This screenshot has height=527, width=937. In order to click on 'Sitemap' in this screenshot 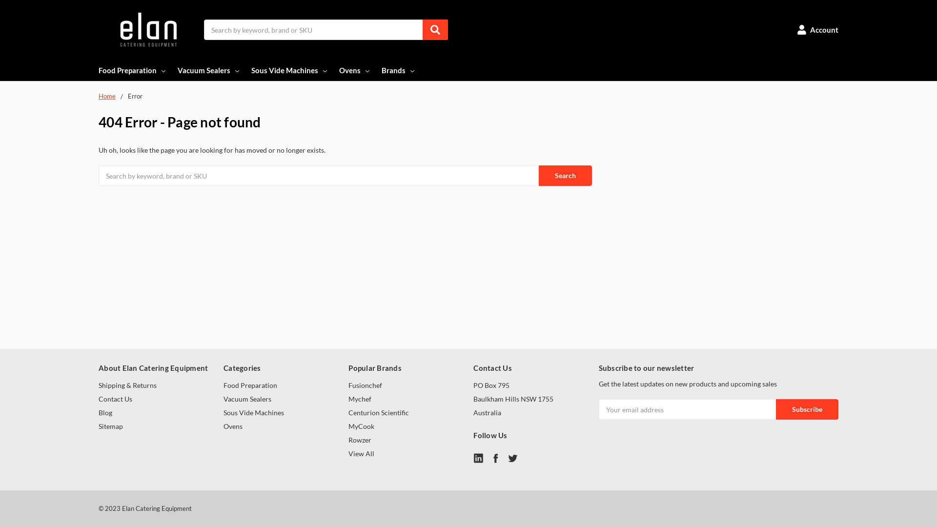, I will do `click(110, 426)`.